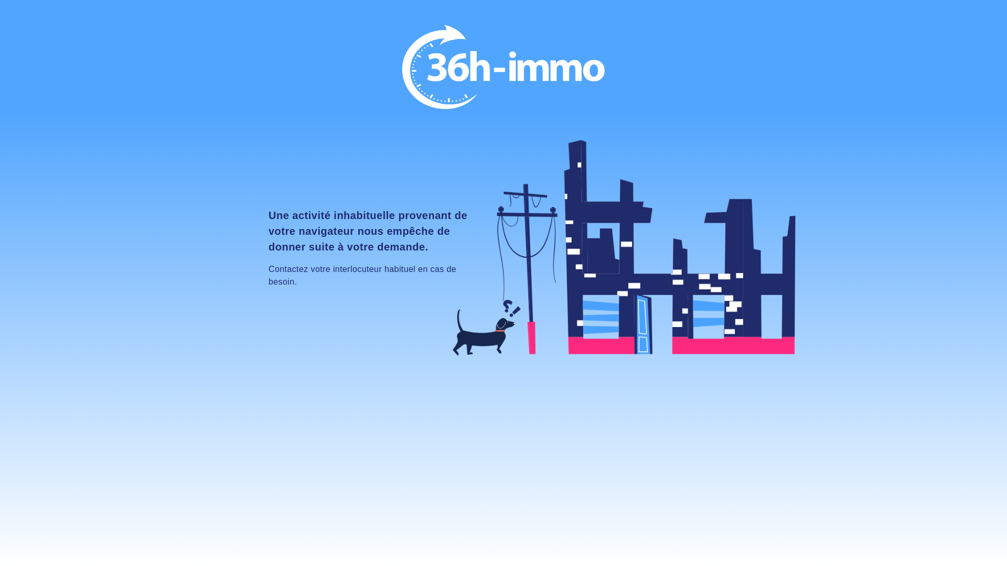 The width and height of the screenshot is (1007, 566). Describe the element at coordinates (504, 67) in the screenshot. I see `'Accueil'` at that location.